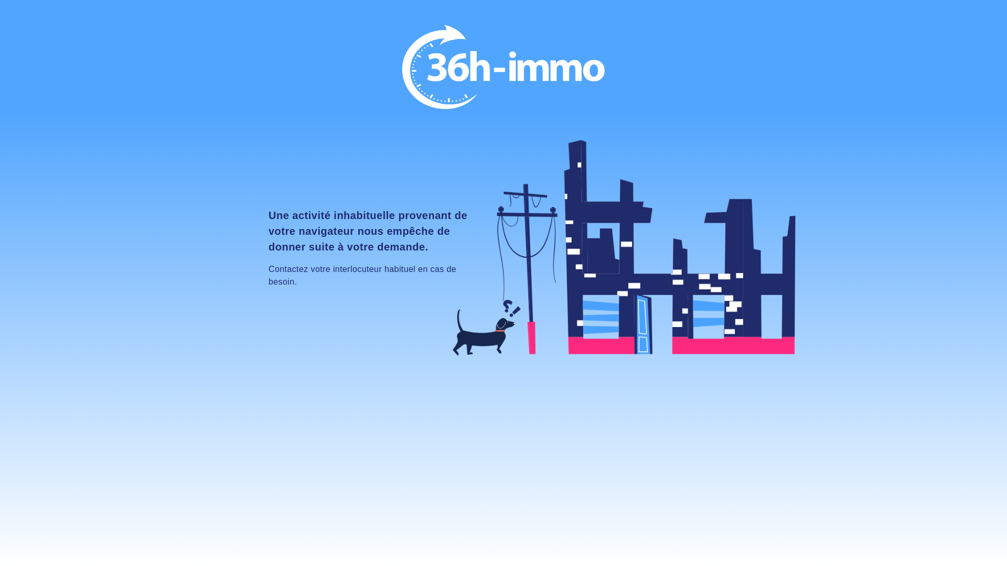 The width and height of the screenshot is (1007, 566). Describe the element at coordinates (504, 67) in the screenshot. I see `'Accueil'` at that location.